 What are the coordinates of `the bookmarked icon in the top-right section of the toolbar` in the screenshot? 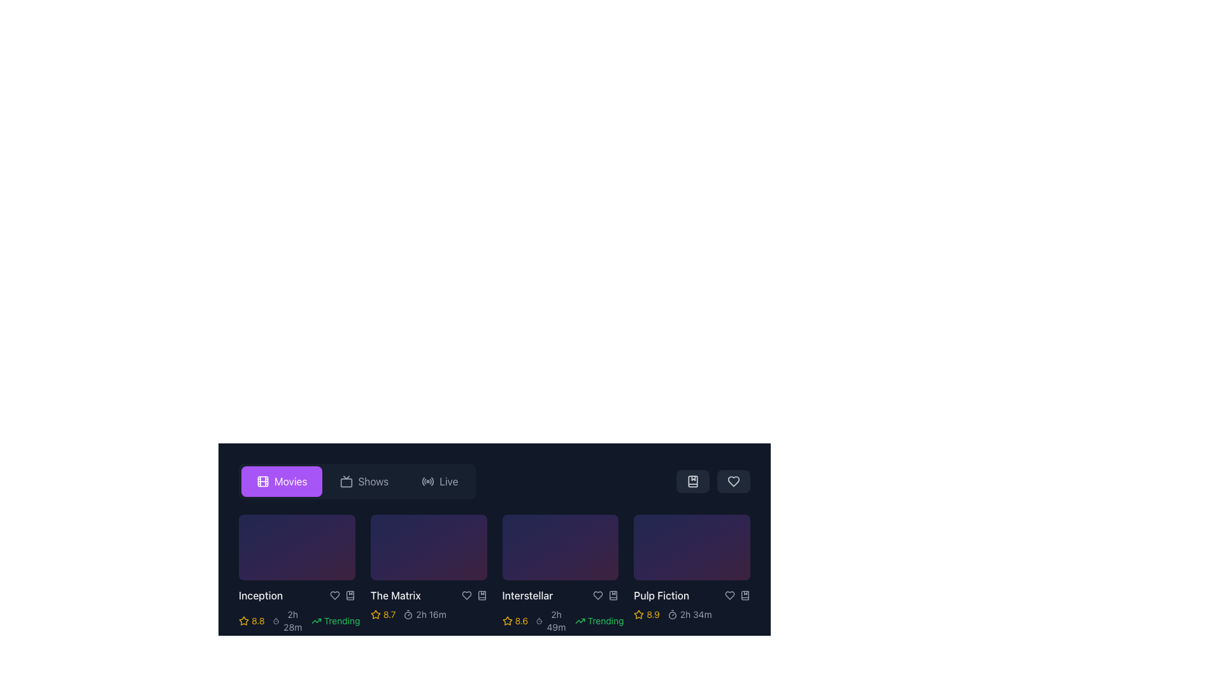 It's located at (692, 482).